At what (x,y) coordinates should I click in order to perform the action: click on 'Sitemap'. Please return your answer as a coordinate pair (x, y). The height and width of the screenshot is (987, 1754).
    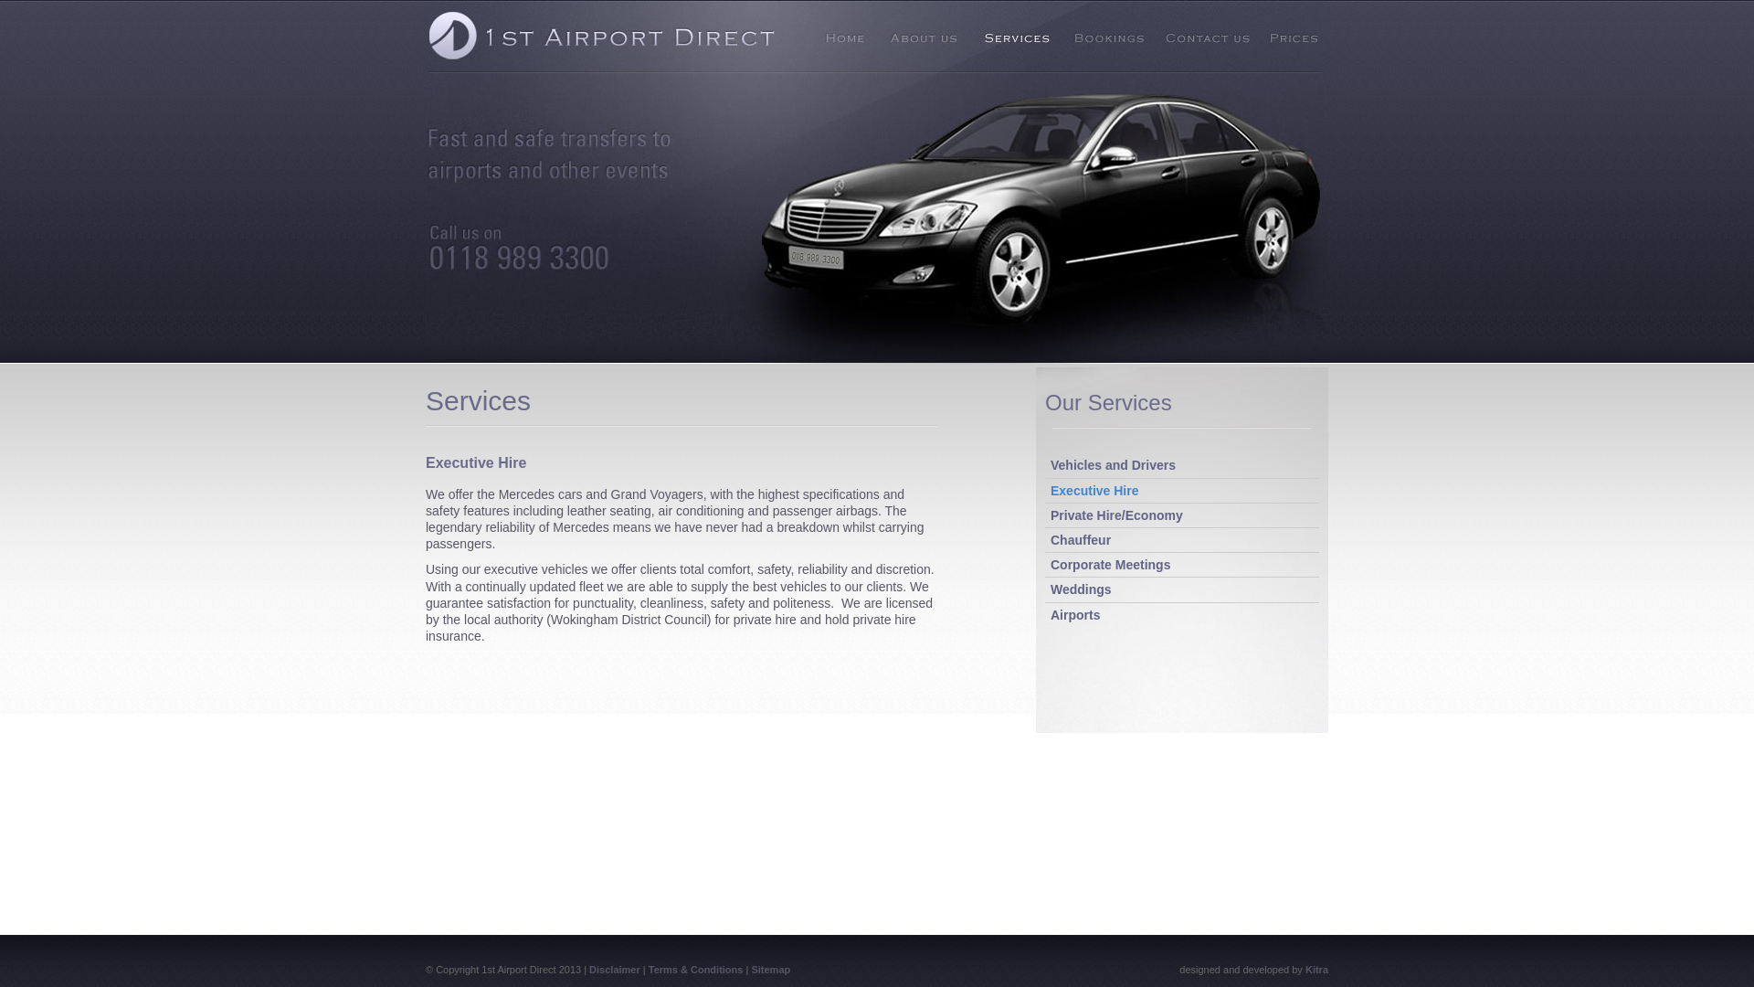
    Looking at the image, I should click on (750, 968).